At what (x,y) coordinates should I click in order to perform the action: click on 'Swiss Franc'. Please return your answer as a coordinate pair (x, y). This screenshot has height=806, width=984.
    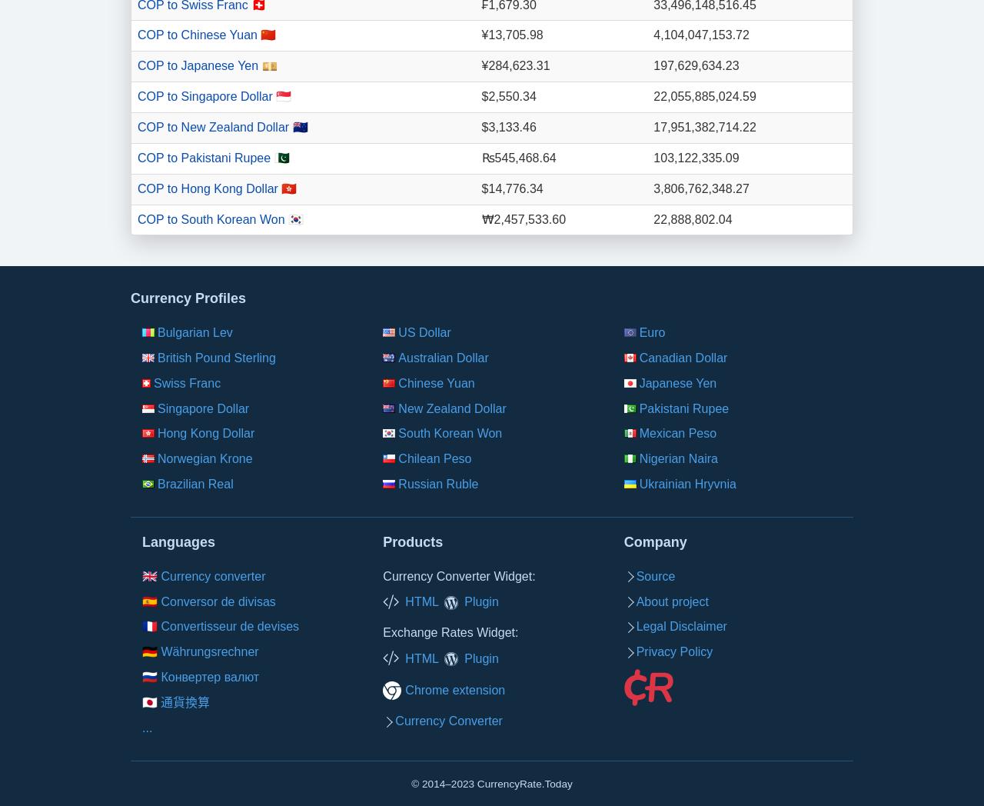
    Looking at the image, I should click on (186, 382).